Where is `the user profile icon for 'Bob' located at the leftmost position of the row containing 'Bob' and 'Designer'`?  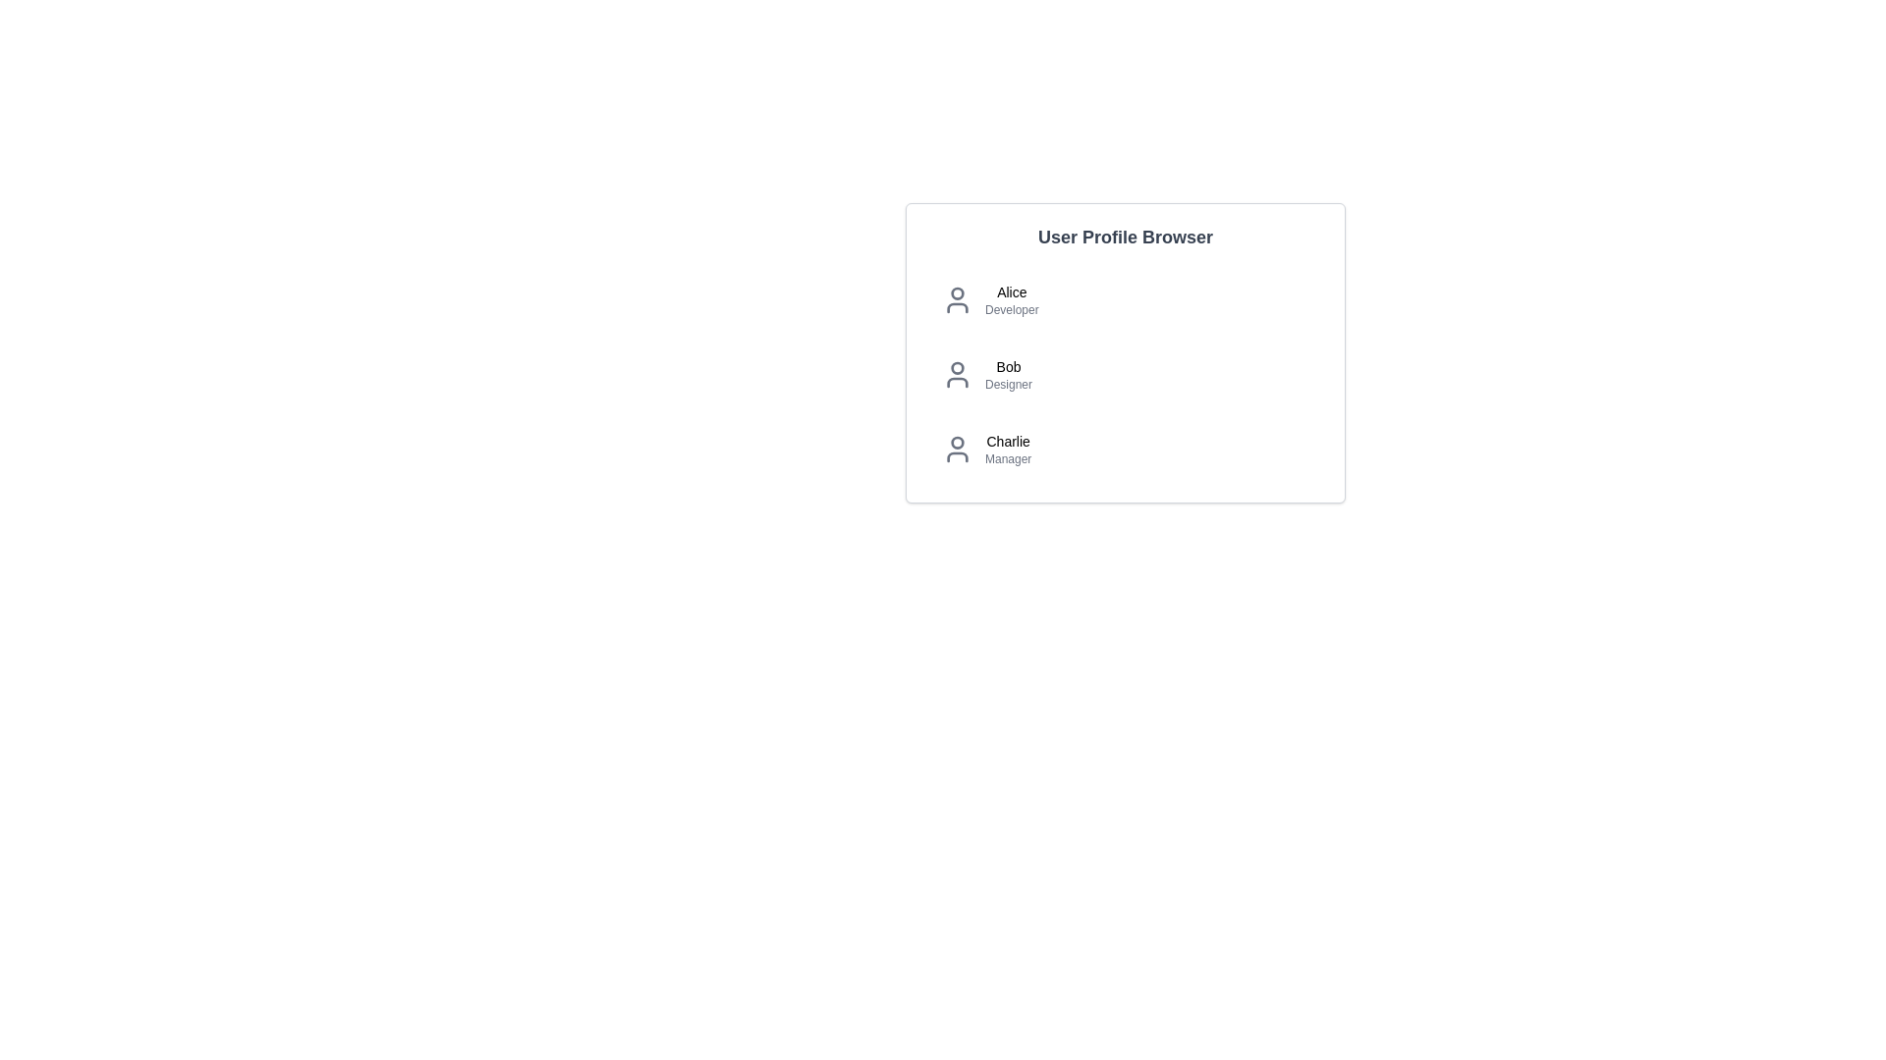 the user profile icon for 'Bob' located at the leftmost position of the row containing 'Bob' and 'Designer' is located at coordinates (957, 374).